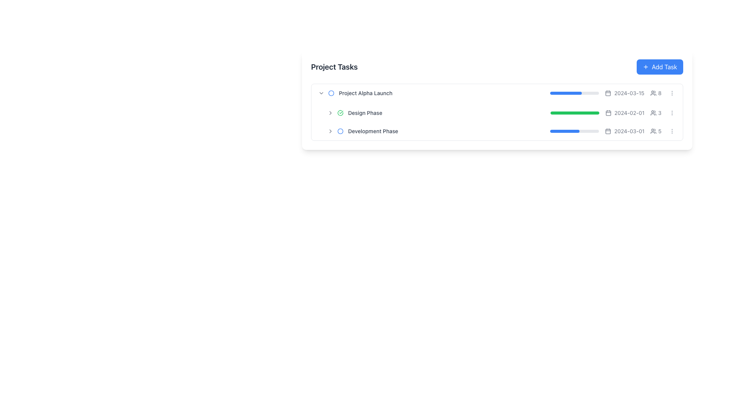 Image resolution: width=732 pixels, height=411 pixels. Describe the element at coordinates (624, 131) in the screenshot. I see `the text with icon that represents a task's due date, located in the third row of the task list, between the progress bar and the user icon` at that location.